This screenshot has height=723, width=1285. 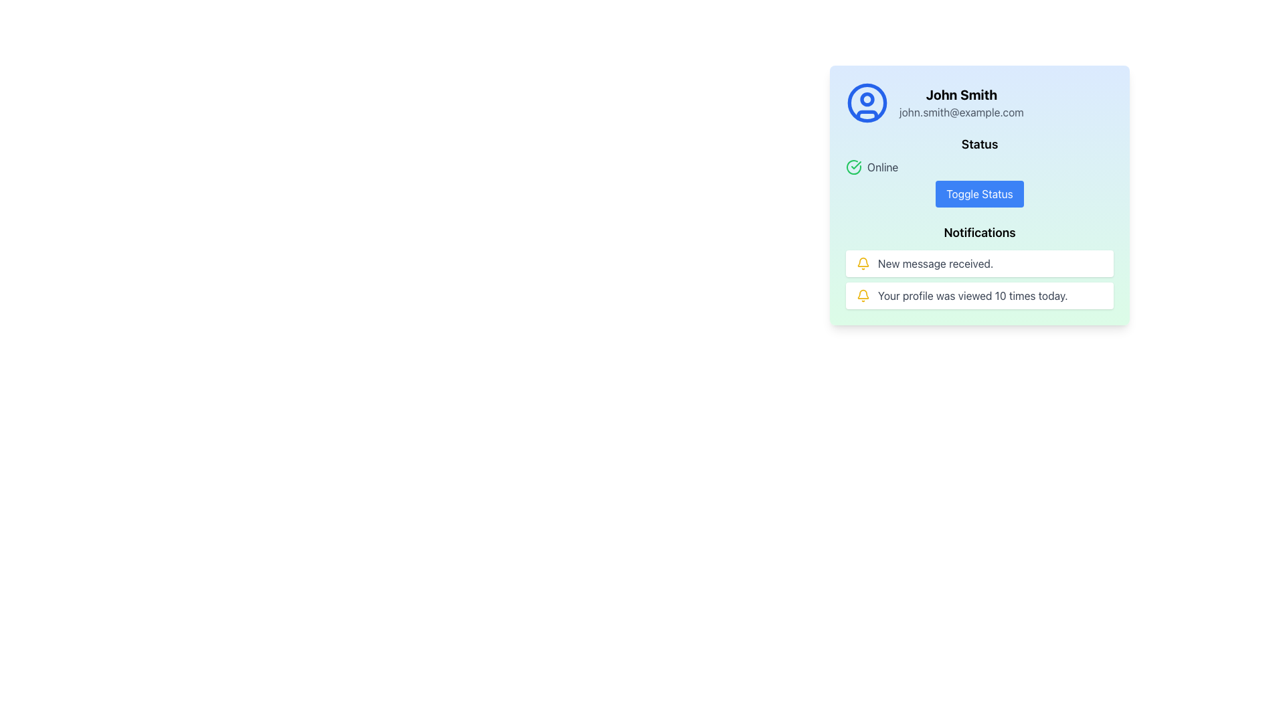 I want to click on static text that informs the user about a new message notification, located in the first row of the notification list inside a notification card, aligned centrally with a bell icon preceding it, so click(x=935, y=263).